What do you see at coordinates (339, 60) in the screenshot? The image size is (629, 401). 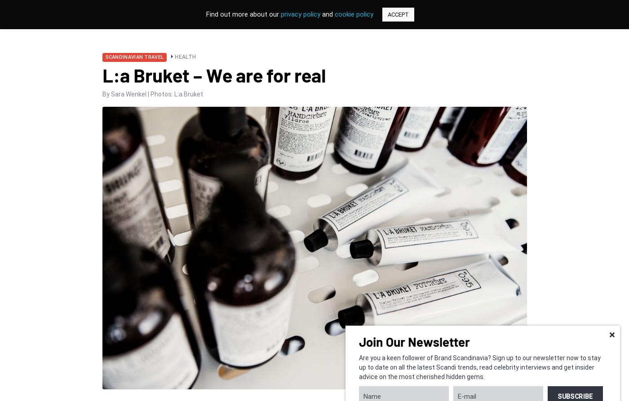 I see `'Museums'` at bounding box center [339, 60].